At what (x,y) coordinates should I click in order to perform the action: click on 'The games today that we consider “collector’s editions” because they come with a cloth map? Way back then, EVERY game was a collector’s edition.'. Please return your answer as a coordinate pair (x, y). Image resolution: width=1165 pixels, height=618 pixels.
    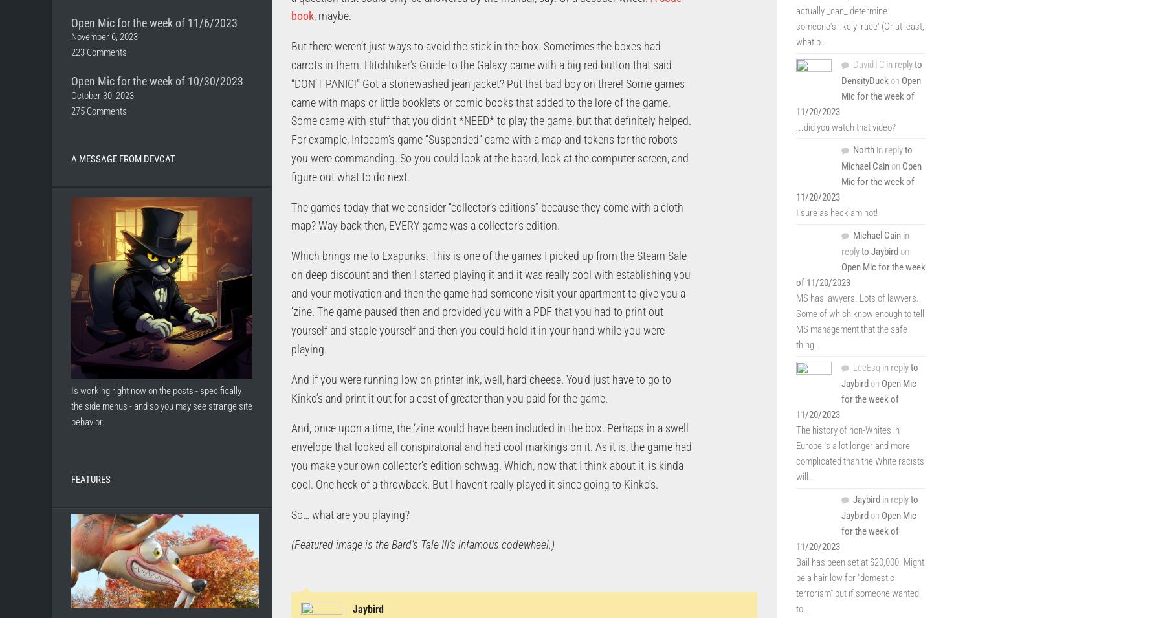
    Looking at the image, I should click on (291, 215).